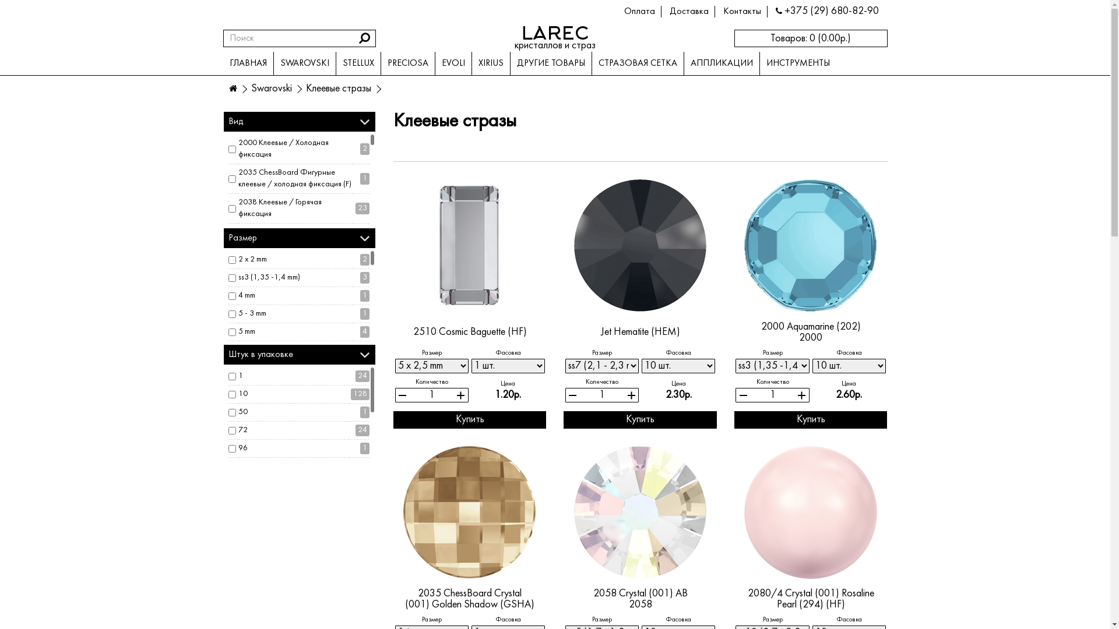 The image size is (1119, 629). I want to click on '2058 Crystal (001) AB', so click(640, 511).